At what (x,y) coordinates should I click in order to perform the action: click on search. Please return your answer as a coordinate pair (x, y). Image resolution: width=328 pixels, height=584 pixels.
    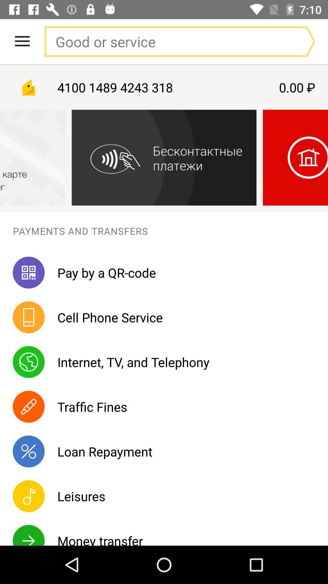
    Looking at the image, I should click on (167, 41).